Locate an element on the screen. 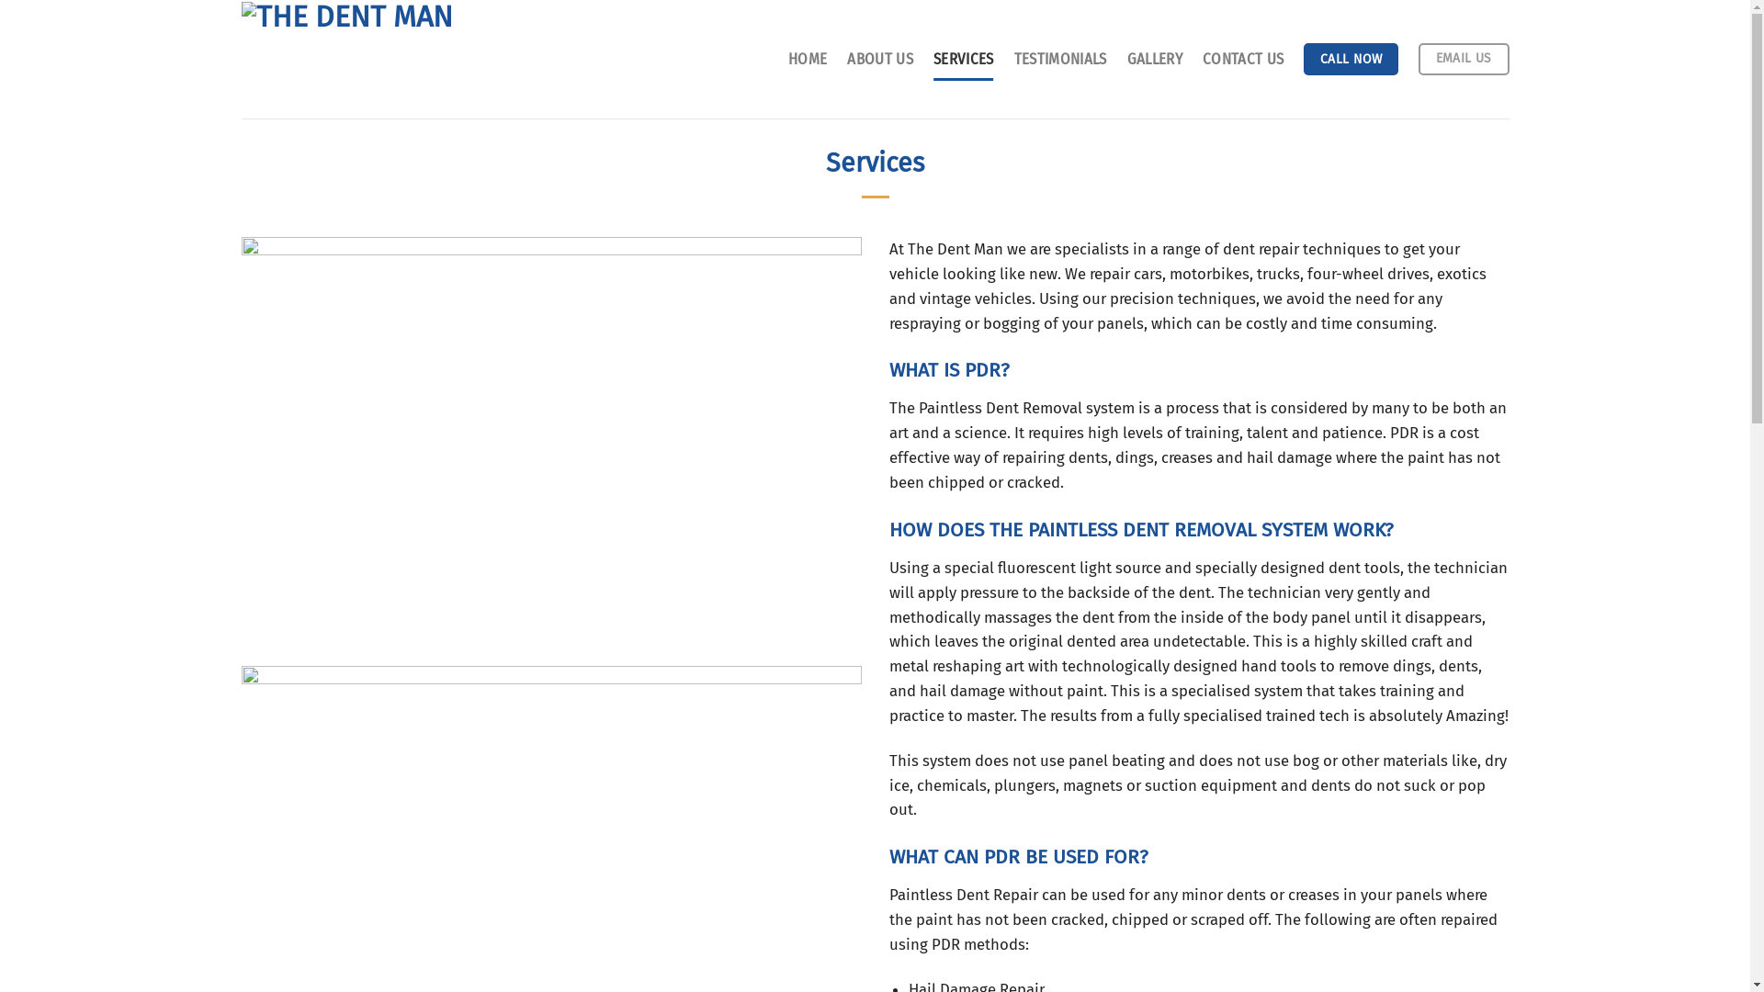 Image resolution: width=1764 pixels, height=992 pixels. 'SERVICES' is located at coordinates (963, 58).